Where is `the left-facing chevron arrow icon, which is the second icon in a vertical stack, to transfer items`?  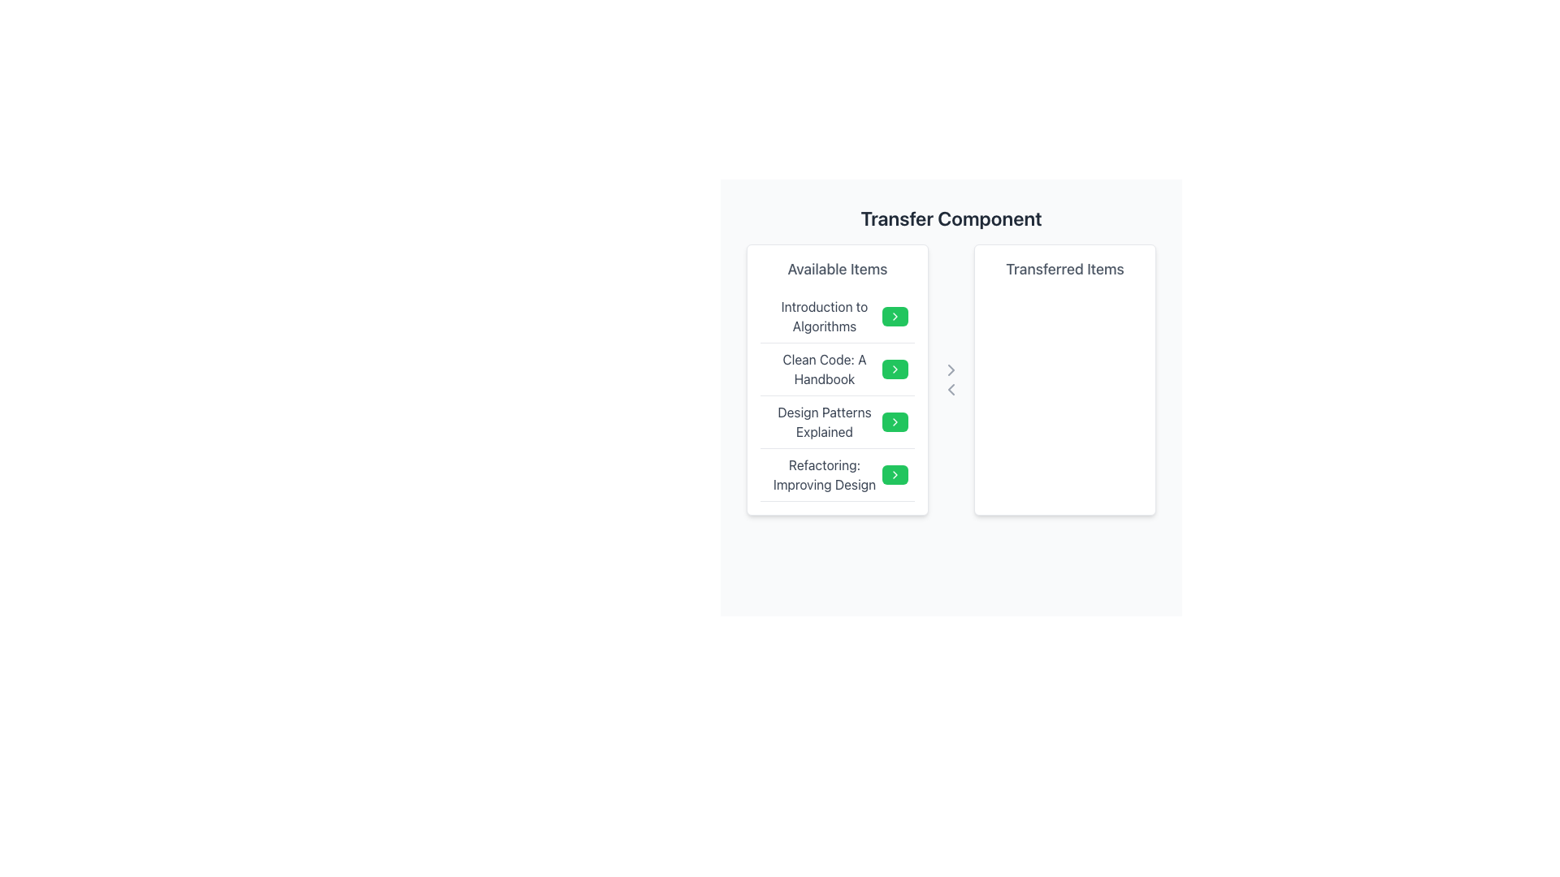 the left-facing chevron arrow icon, which is the second icon in a vertical stack, to transfer items is located at coordinates (951, 389).